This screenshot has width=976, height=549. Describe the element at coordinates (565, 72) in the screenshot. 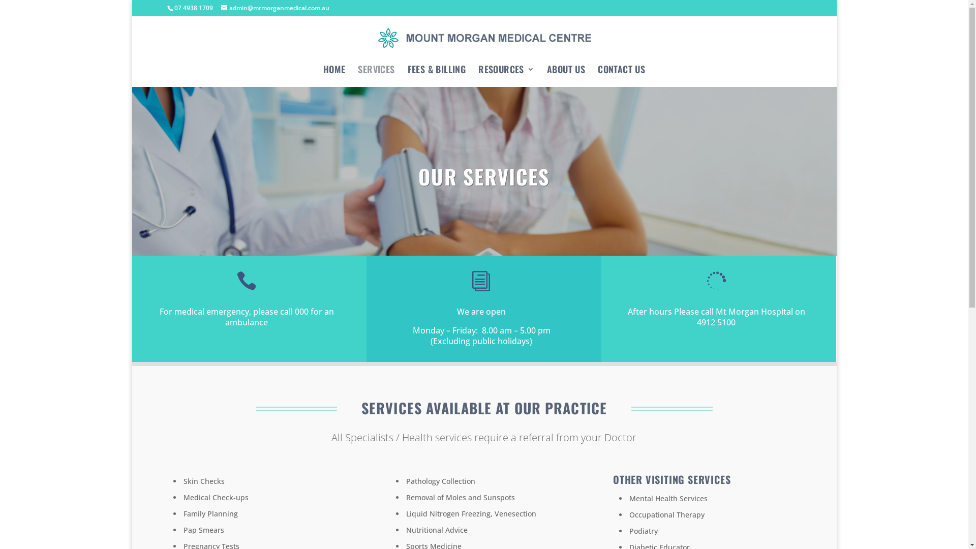

I see `'ABOUT US'` at that location.